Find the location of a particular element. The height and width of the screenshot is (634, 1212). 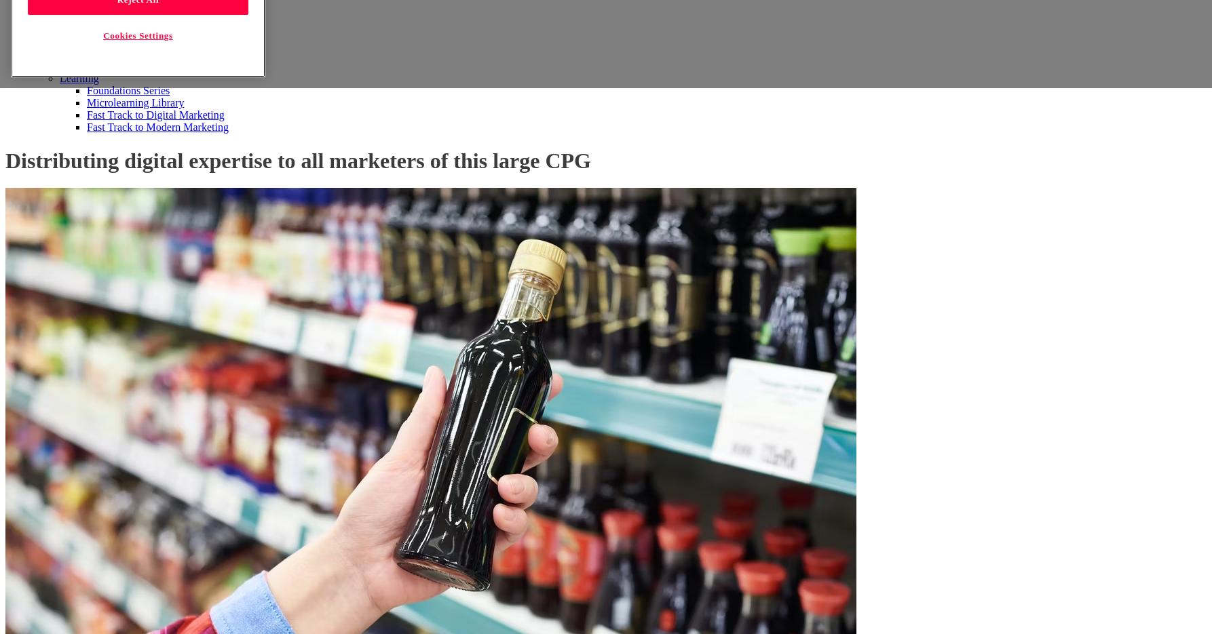

'Fast Track to Digital Marketing' is located at coordinates (154, 115).